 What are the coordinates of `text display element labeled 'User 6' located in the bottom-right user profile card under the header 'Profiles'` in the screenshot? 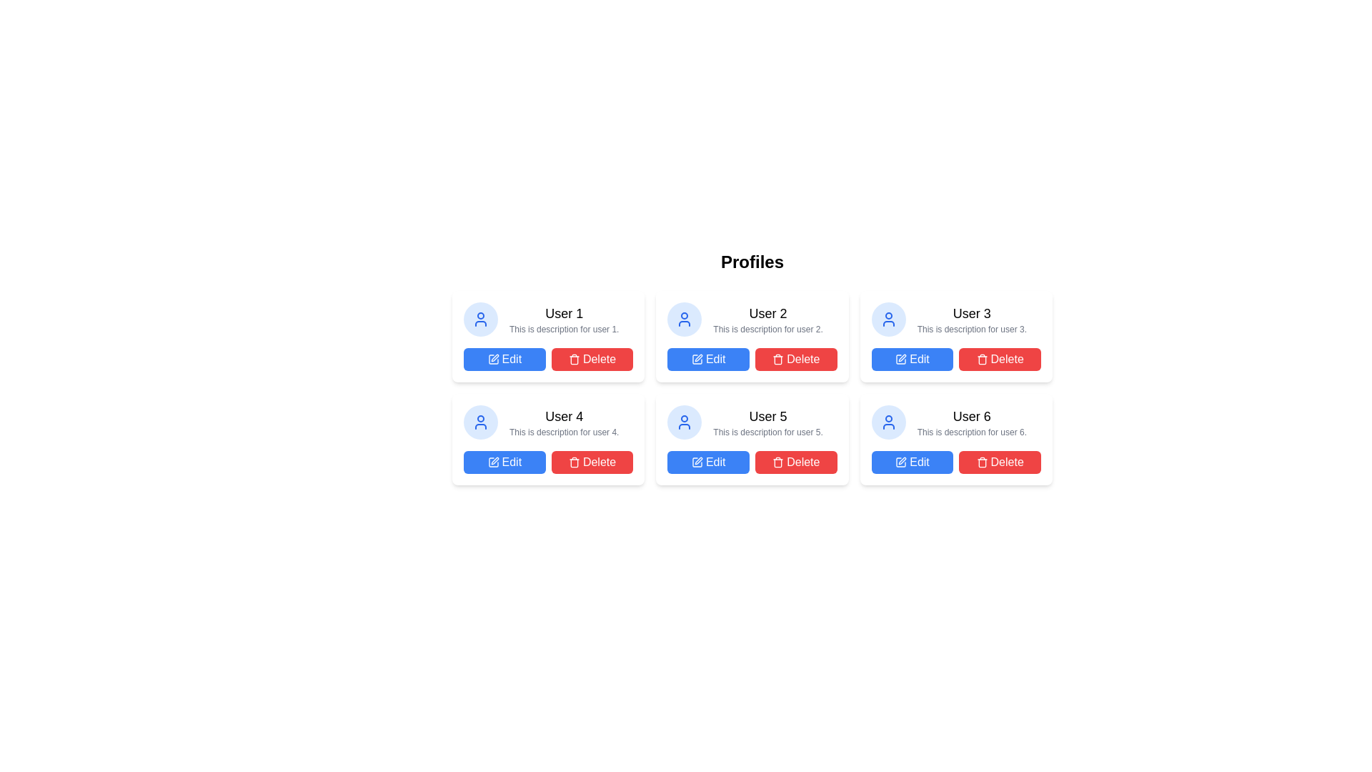 It's located at (972, 416).